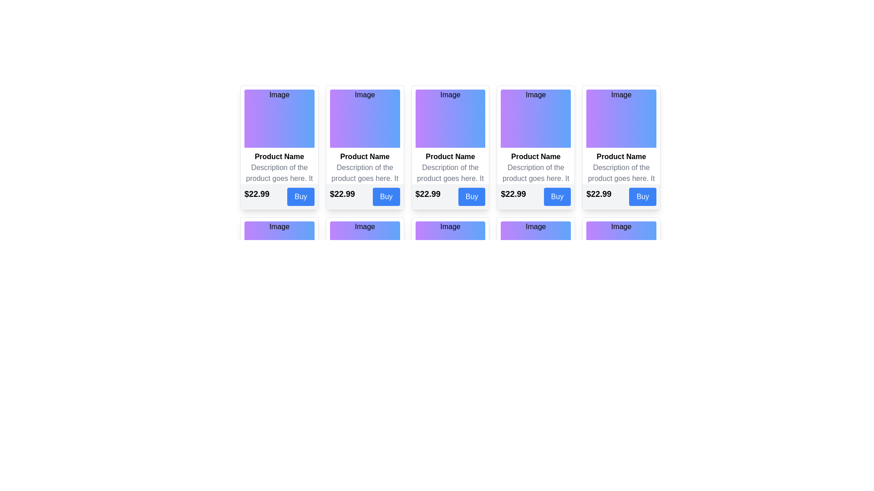 This screenshot has height=491, width=874. I want to click on the text block that provides a summary of the product, located within the second section of the first product card, directly following the product name and above the price section, so click(279, 184).